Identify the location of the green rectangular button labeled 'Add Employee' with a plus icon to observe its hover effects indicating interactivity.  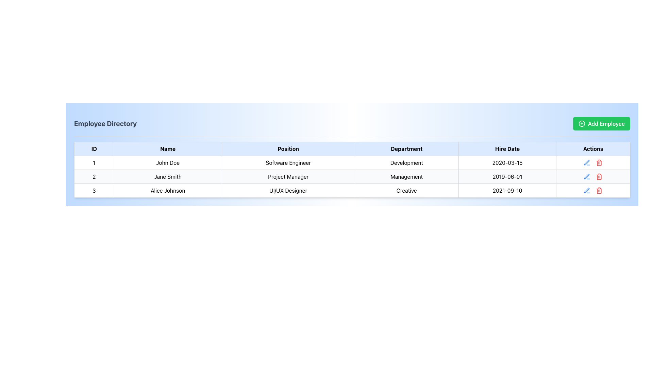
(601, 123).